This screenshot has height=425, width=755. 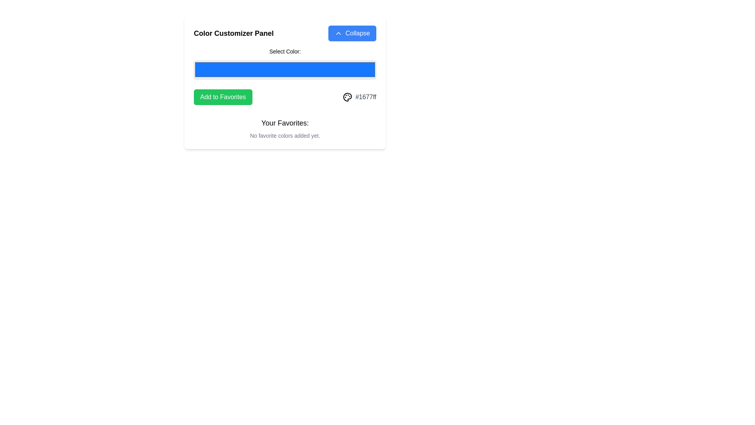 What do you see at coordinates (233, 33) in the screenshot?
I see `the text label that serves as the title of the user interface panel, located to the left of the 'Collapse' button and chevron icon` at bounding box center [233, 33].